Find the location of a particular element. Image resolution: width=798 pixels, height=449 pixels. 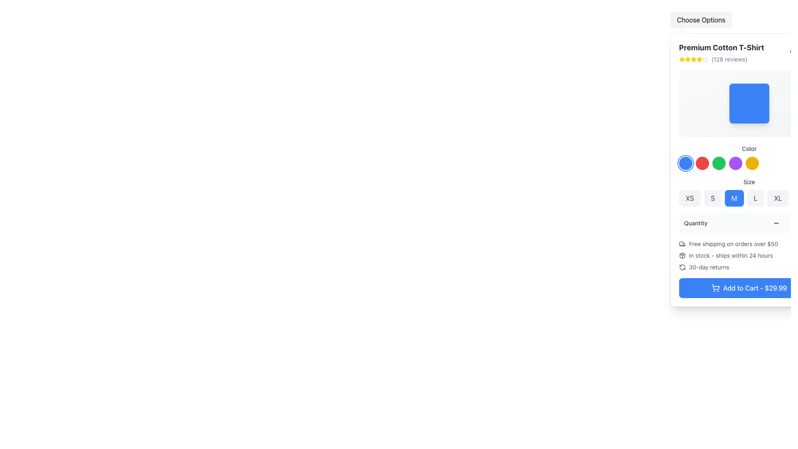

the fourth star-shaped icon with a yellow fill and outline in the product ratings section, which is part of a rating system adjacent to the reviews text is located at coordinates (693, 59).